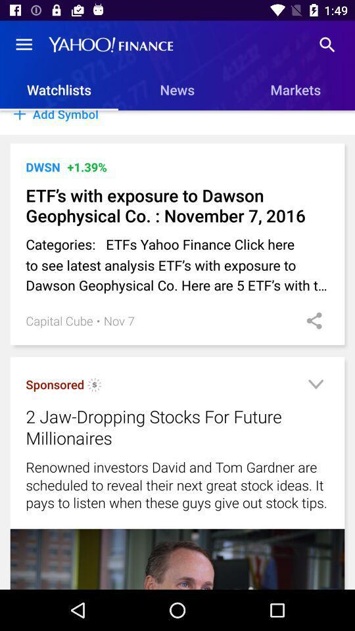  Describe the element at coordinates (177, 122) in the screenshot. I see `the add symbol` at that location.